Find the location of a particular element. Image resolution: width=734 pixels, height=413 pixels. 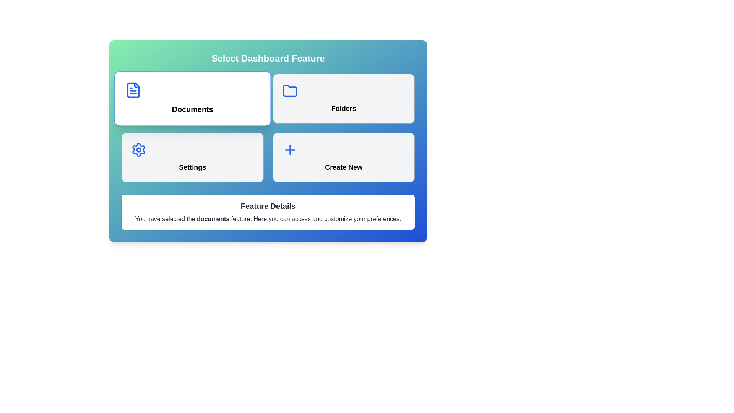

the blue plus sign icon with rounded edges located in the top left corner of the 'Create New' area with a gray background is located at coordinates (289, 150).